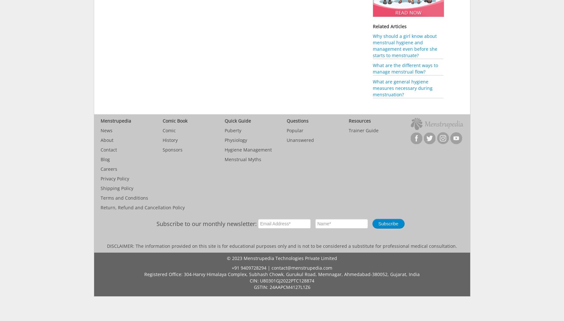 The image size is (564, 321). Describe the element at coordinates (100, 130) in the screenshot. I see `'News'` at that location.